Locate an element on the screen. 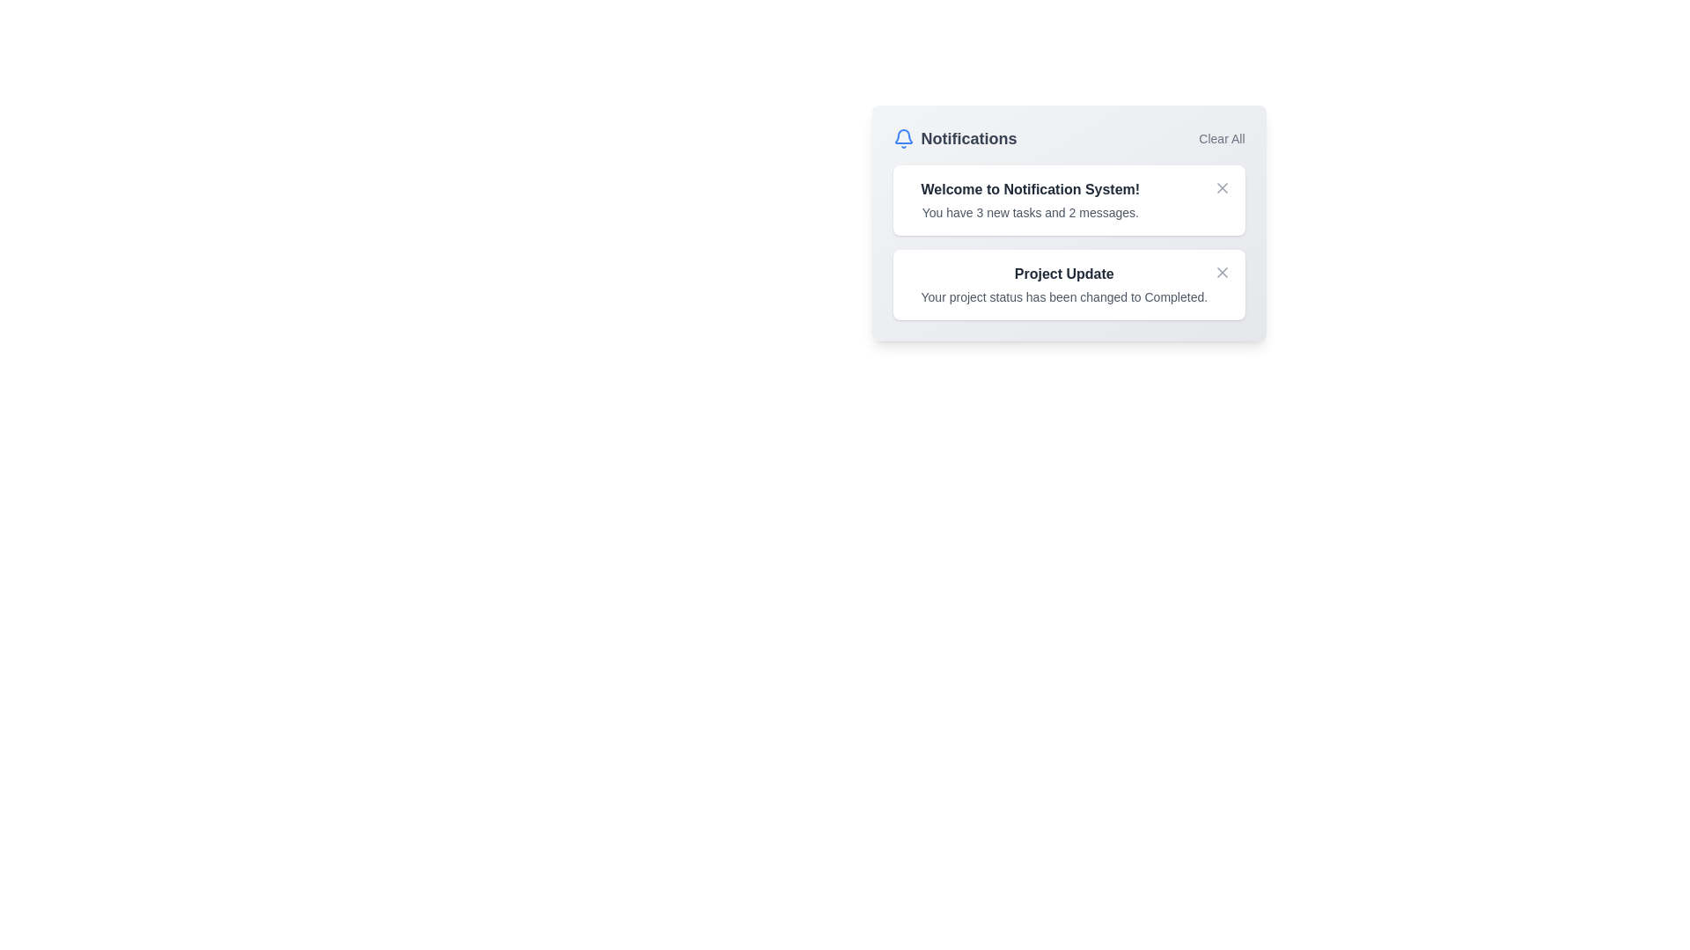  the minimalistic cross-shaped SVG icon used for dismissing the first notification card in the header section is located at coordinates (1221, 187).